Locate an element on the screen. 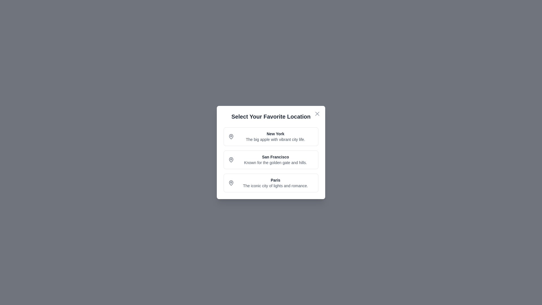  the location card for San Francisco is located at coordinates (271, 160).